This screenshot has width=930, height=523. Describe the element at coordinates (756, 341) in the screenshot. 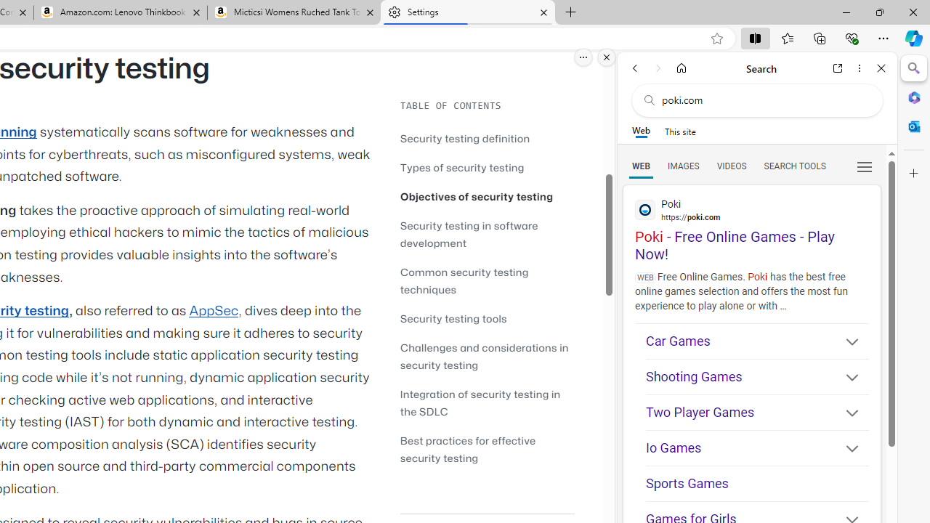

I see `'Car Games'` at that location.